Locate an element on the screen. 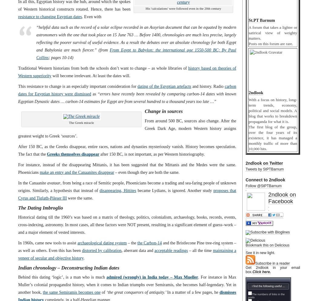  'Connect to 2ndlook' is located at coordinates (265, 180).